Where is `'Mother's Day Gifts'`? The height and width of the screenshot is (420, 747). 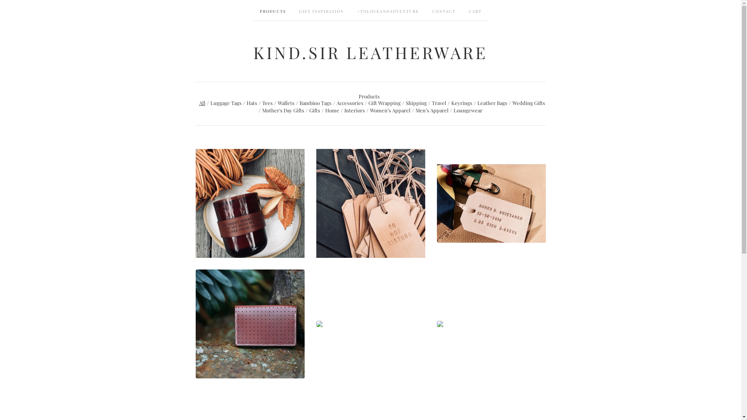
'Mother's Day Gifts' is located at coordinates (283, 110).